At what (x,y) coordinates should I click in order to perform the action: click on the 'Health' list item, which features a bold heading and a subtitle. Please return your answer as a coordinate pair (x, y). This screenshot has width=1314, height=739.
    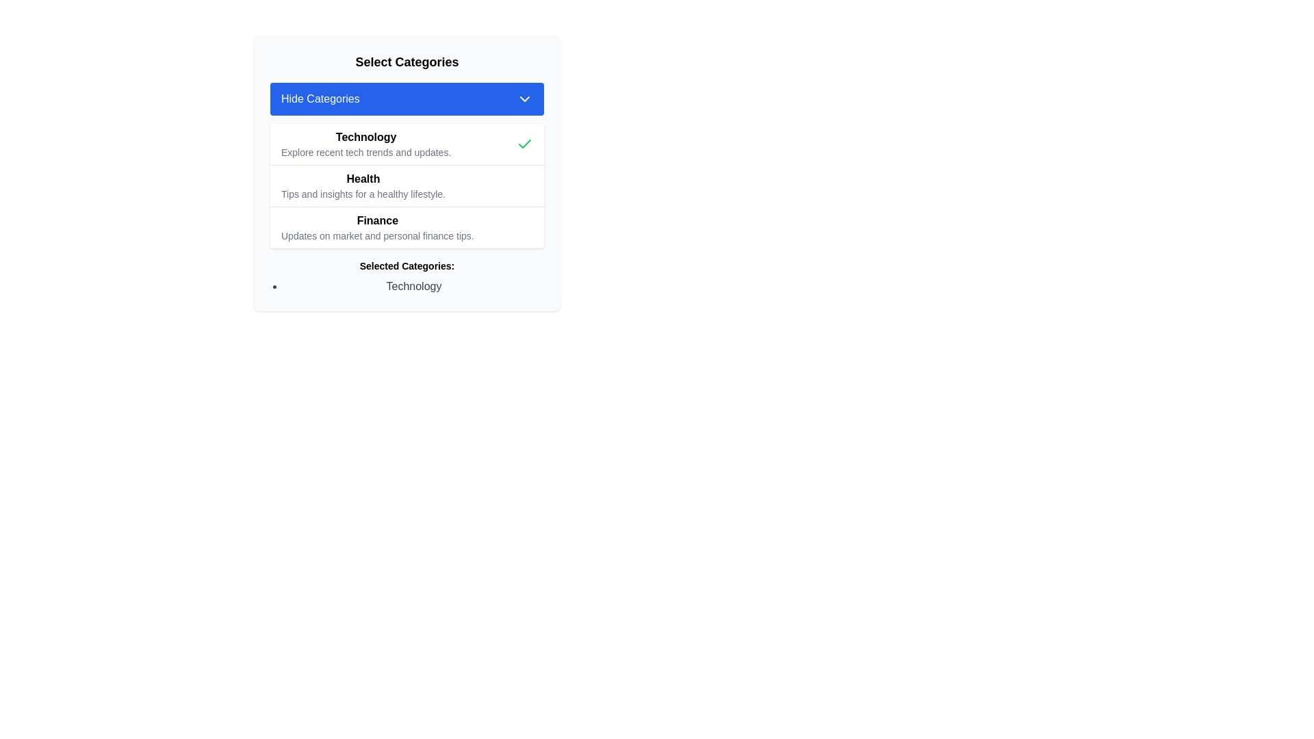
    Looking at the image, I should click on (407, 185).